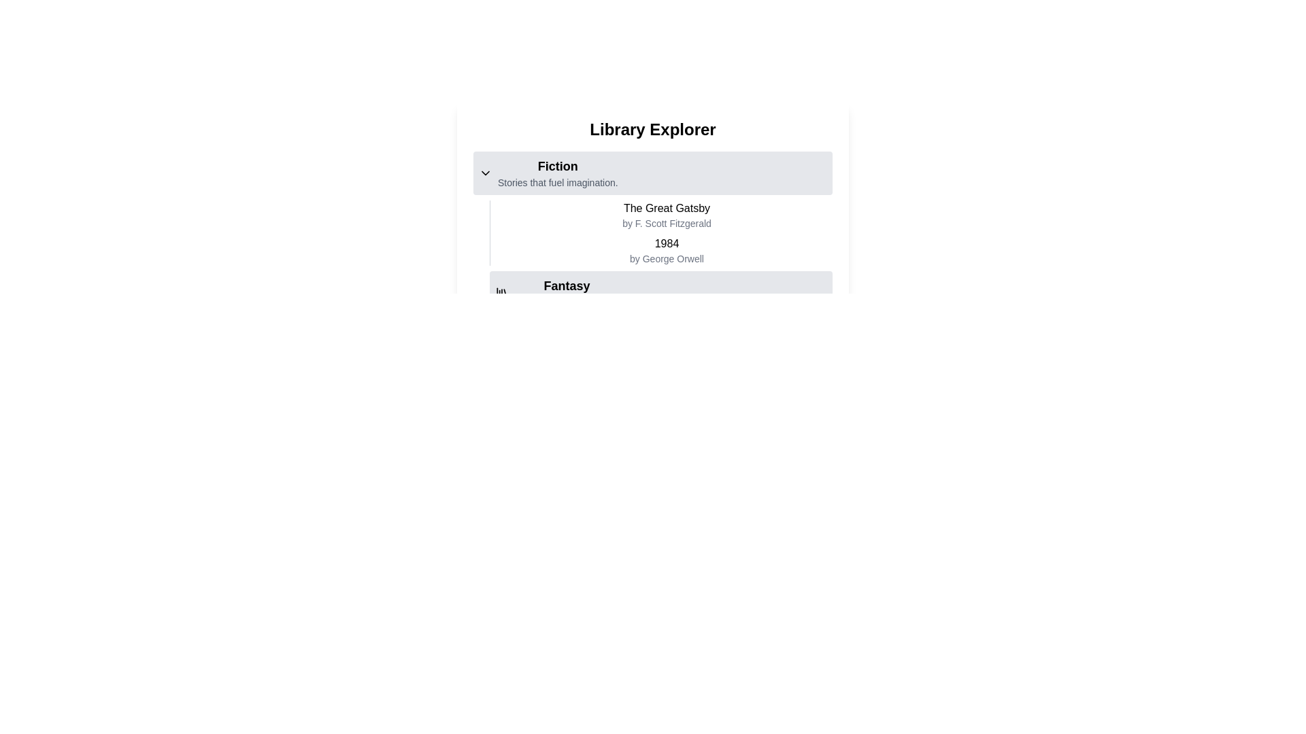 This screenshot has width=1306, height=734. Describe the element at coordinates (667, 222) in the screenshot. I see `the Label displaying the text 'by F. Scott Fitzgerald', which is located directly below the title 'The Great Gatsby' in the 'Fiction' category of the 'Library Explorer' interface` at that location.